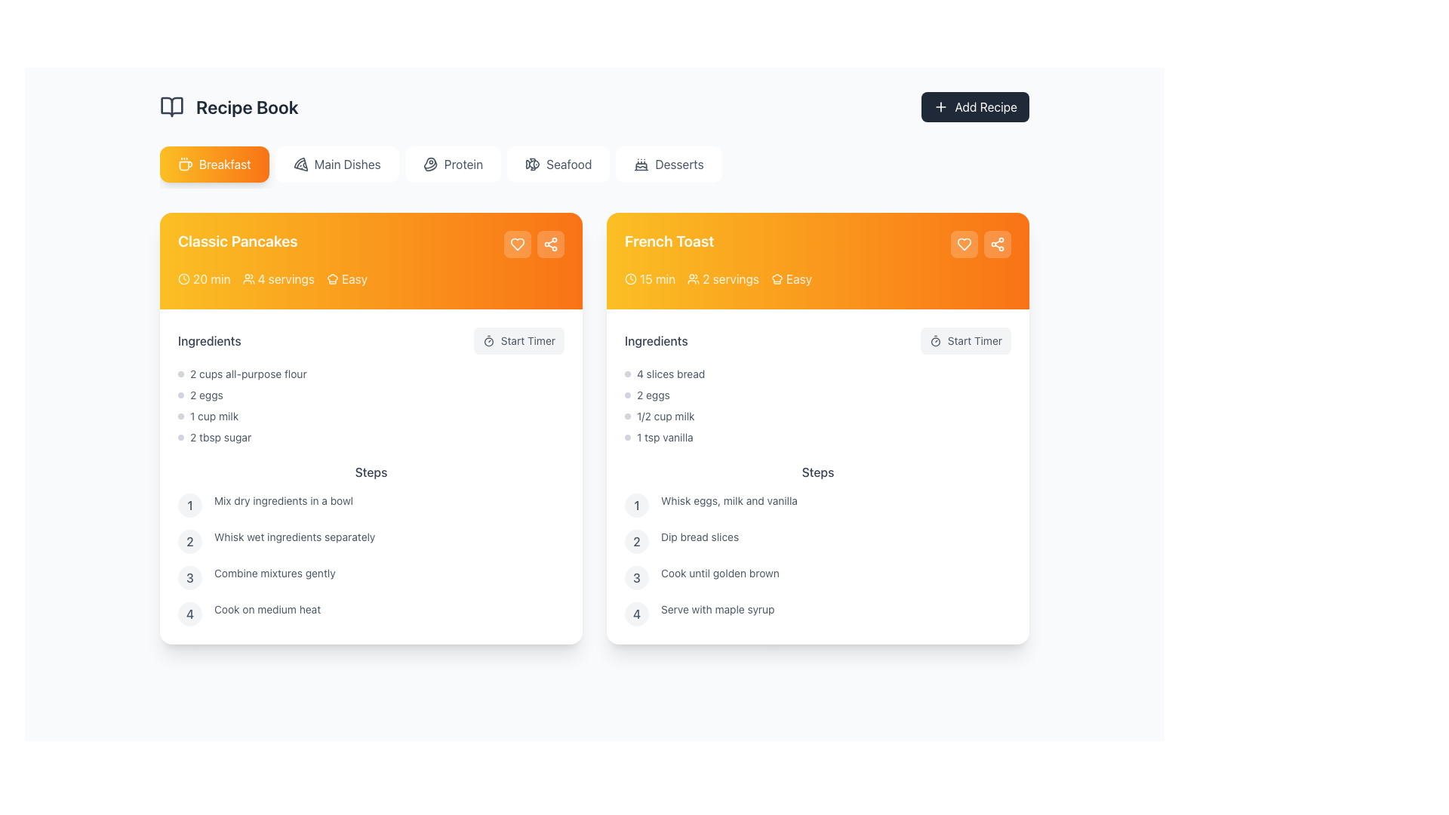 Image resolution: width=1449 pixels, height=815 pixels. What do you see at coordinates (189, 614) in the screenshot?
I see `the text element displaying the number '4' inside a small, light gray circular background, which is the fourth step indicator in the 'Classic Pancakes' section` at bounding box center [189, 614].